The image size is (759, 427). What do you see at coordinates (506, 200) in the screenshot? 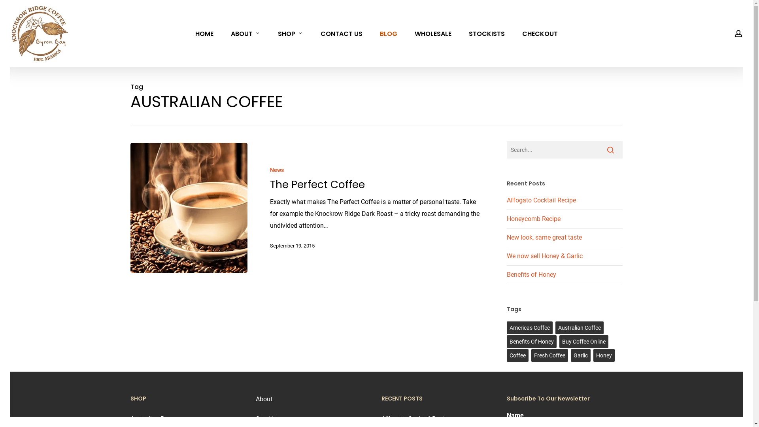
I see `'Affogato Cocktail Recipe'` at bounding box center [506, 200].